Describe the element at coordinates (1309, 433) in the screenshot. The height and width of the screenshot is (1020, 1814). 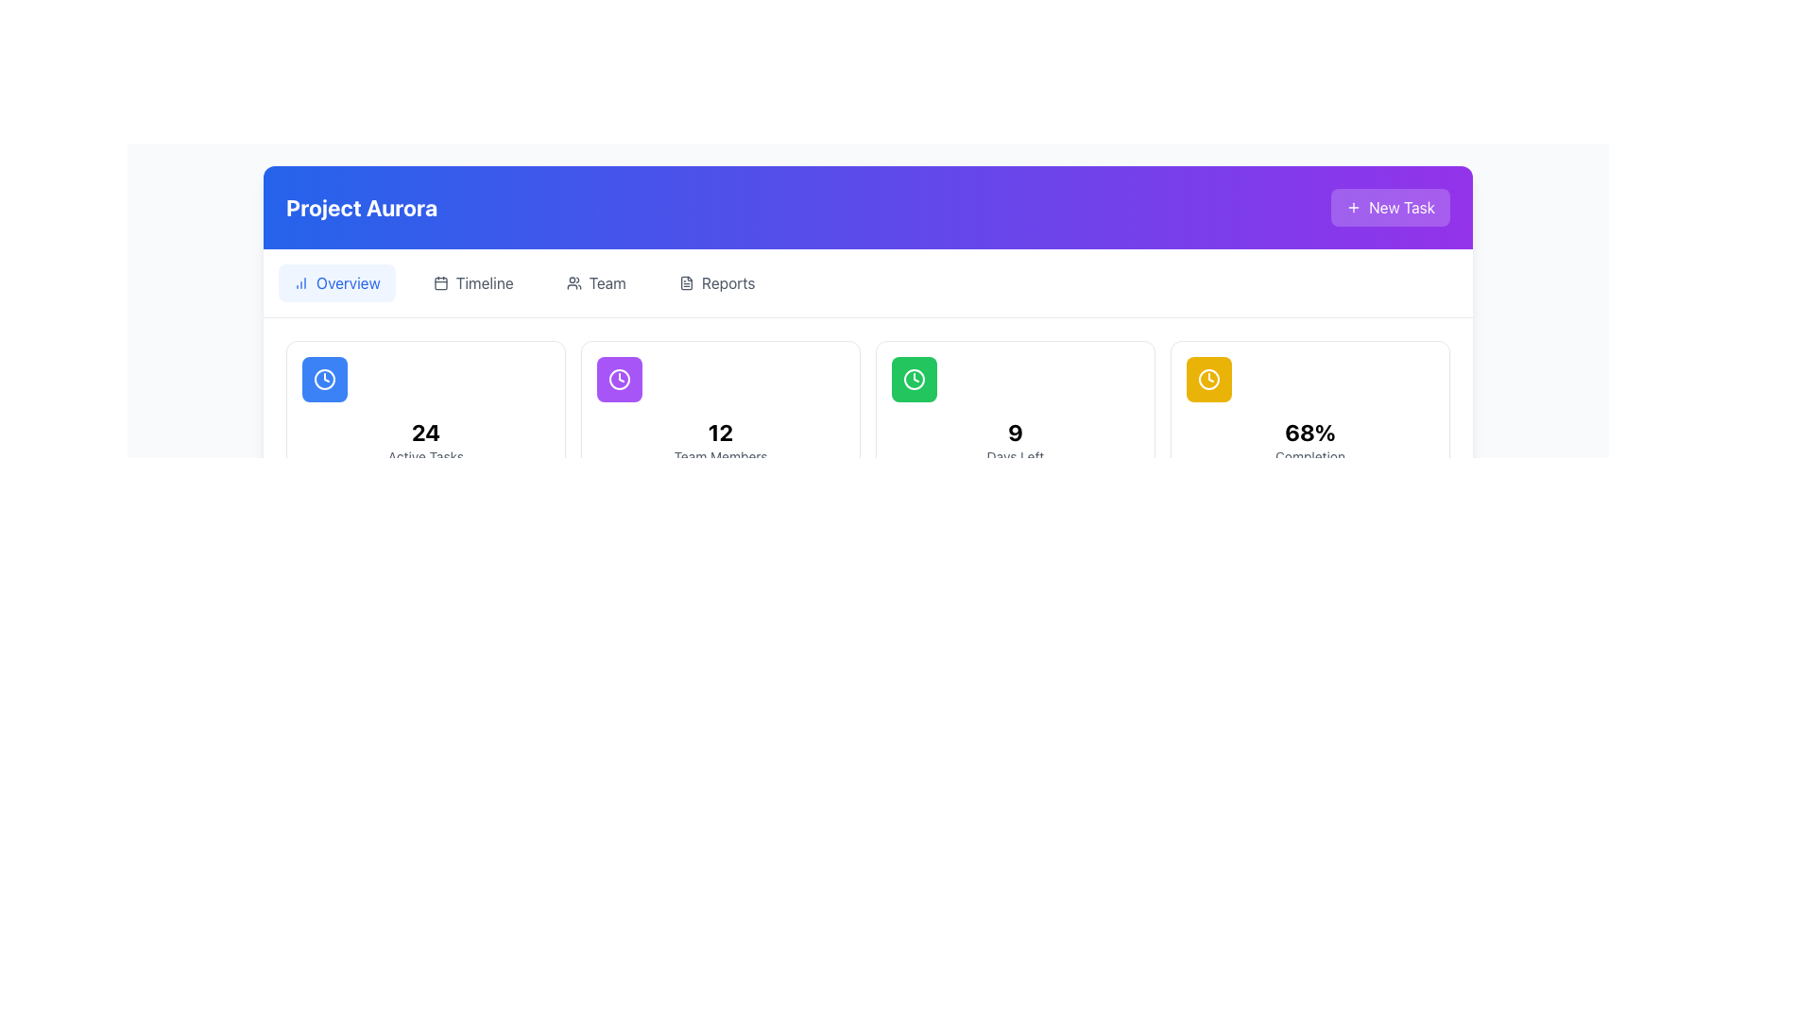
I see `the displayed percentage value on the text label located centrally above the text 'Completion' and below a yellow clock icon, within the rightmost white background box of a group of four` at that location.